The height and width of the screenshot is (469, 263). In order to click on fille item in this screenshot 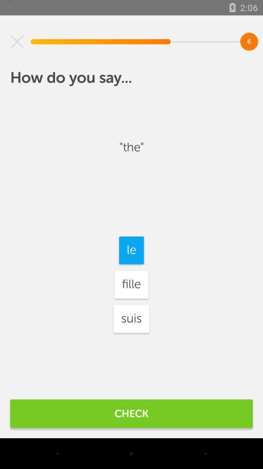, I will do `click(131, 284)`.